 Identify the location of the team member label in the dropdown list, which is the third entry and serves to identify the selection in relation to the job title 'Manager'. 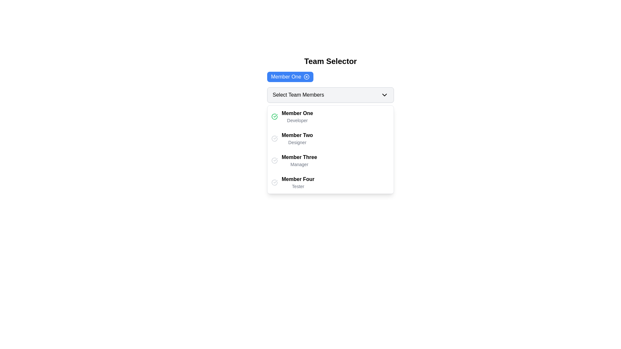
(299, 157).